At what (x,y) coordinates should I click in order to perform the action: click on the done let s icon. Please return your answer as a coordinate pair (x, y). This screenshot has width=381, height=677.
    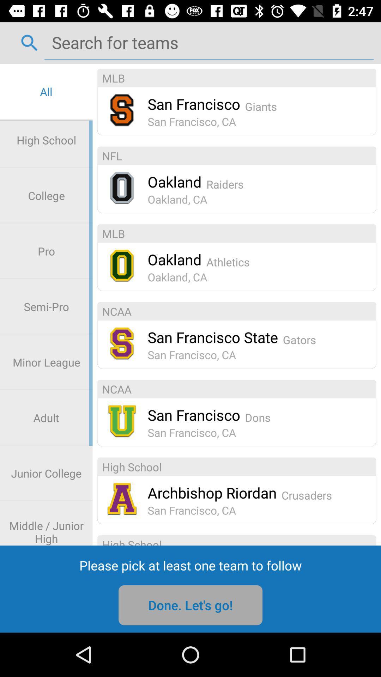
    Looking at the image, I should click on (190, 605).